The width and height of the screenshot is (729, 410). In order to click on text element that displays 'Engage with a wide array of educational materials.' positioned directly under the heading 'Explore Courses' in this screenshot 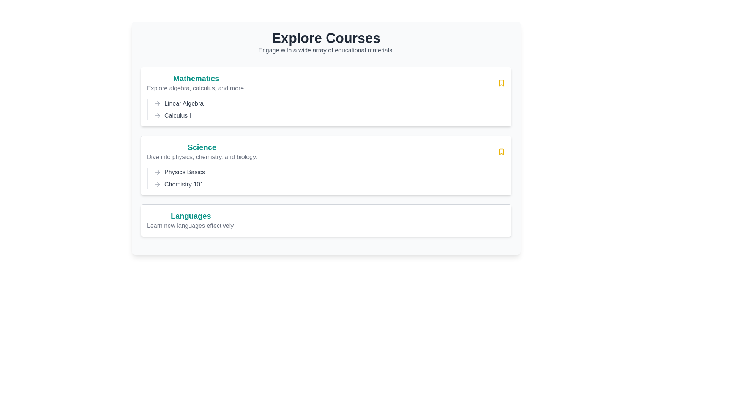, I will do `click(326, 50)`.